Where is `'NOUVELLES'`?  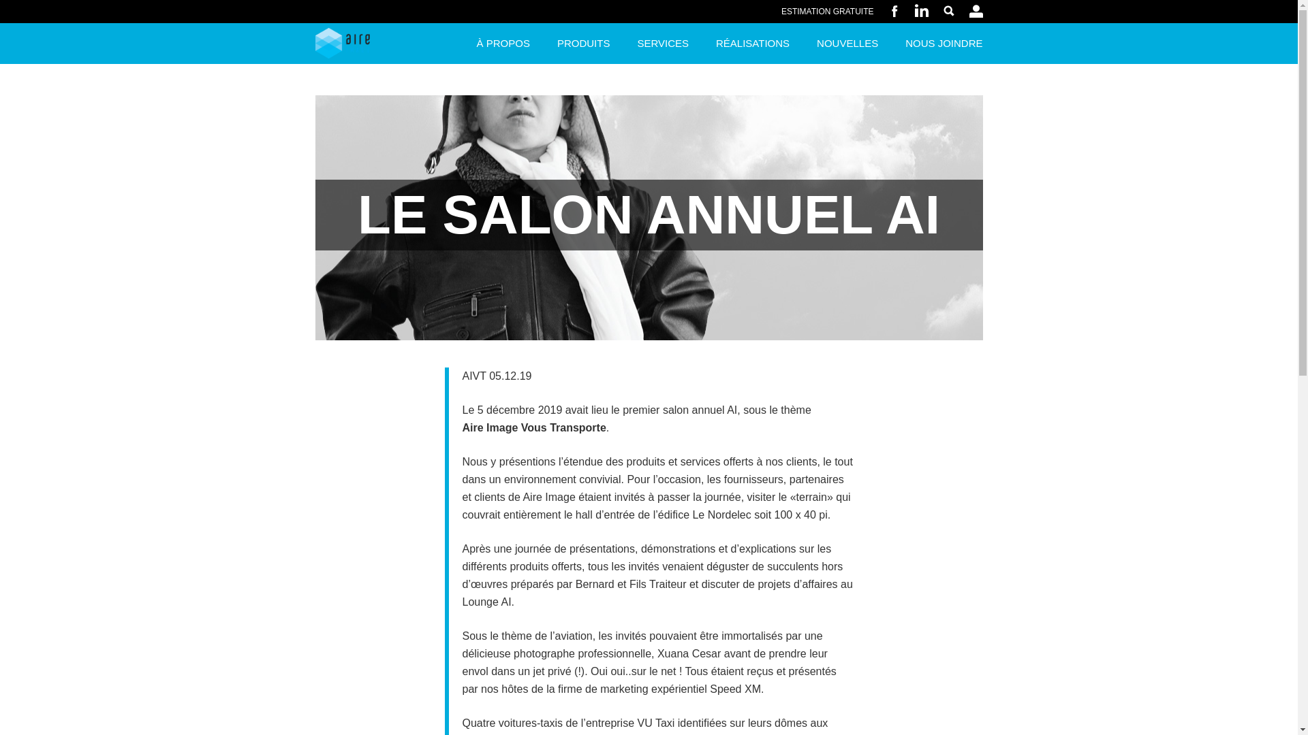 'NOUVELLES' is located at coordinates (846, 43).